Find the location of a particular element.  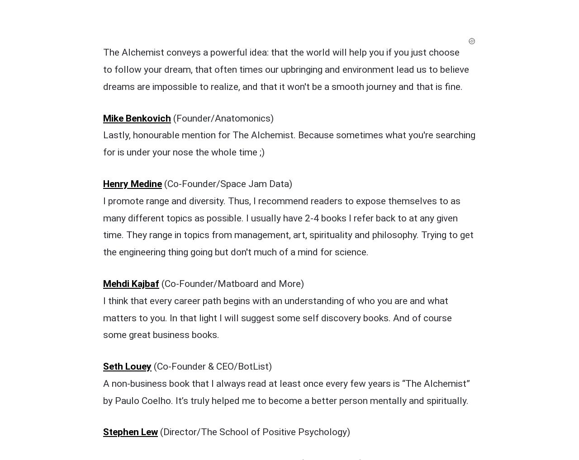

'I promote range and diversity. Thus, I recommend readers to expose themselves to as many different topics as possible. I usually have 2-4 books I refer back to at any given time. They range in topics from management, art, spirituality and philosophy. Trying to get the engineering thing going but don't much of a mind for science.' is located at coordinates (288, 39).